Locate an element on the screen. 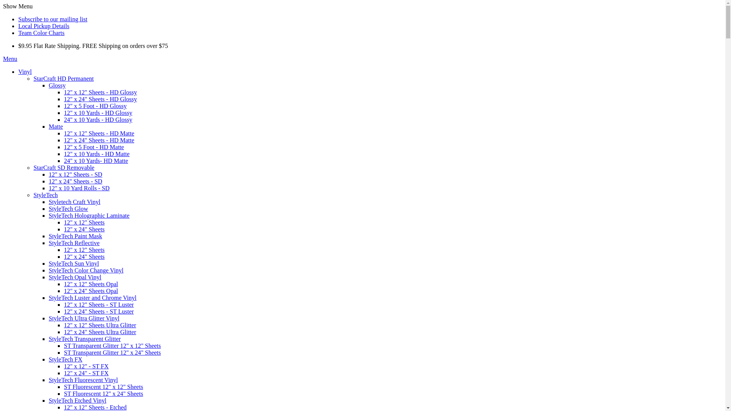 This screenshot has width=731, height=411. 'ST Fluorescent 12" x 24" Sheets' is located at coordinates (103, 393).